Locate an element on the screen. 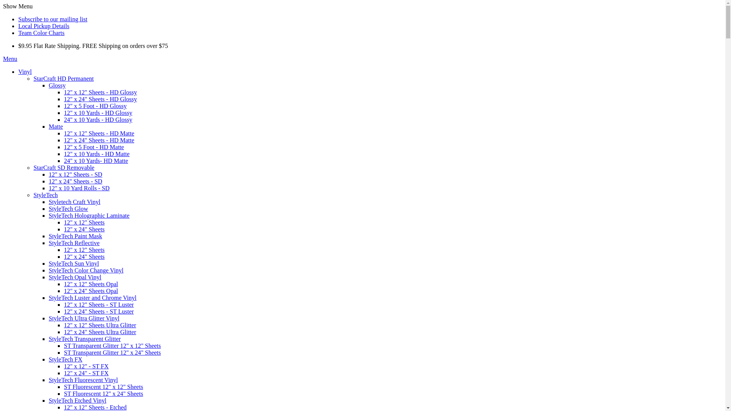 This screenshot has width=731, height=411. 'ST Fluorescent 12" x 24" Sheets' is located at coordinates (103, 393).